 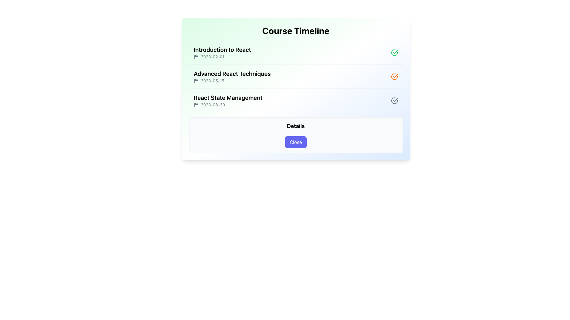 What do you see at coordinates (394, 100) in the screenshot?
I see `the SVG icon with a circular outline and a check mark inside, located to the far right of the 'React State Management - 2023-08-30' course entry` at bounding box center [394, 100].